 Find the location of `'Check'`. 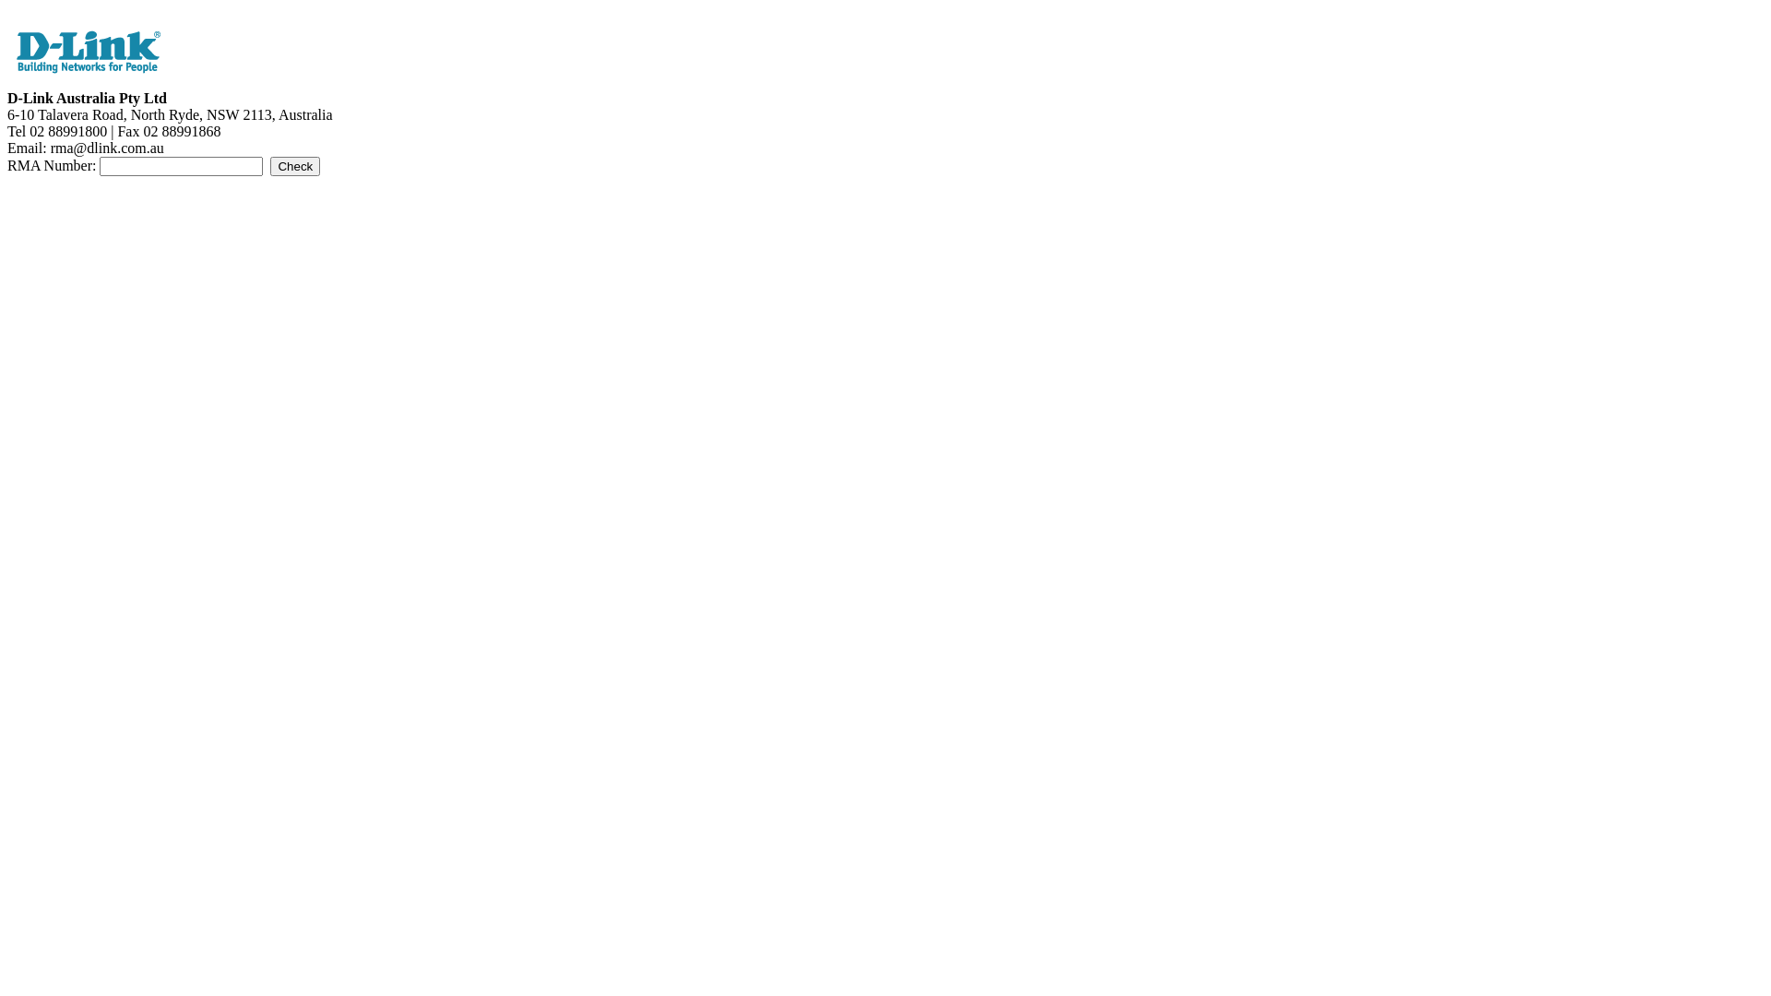

'Check' is located at coordinates (295, 166).